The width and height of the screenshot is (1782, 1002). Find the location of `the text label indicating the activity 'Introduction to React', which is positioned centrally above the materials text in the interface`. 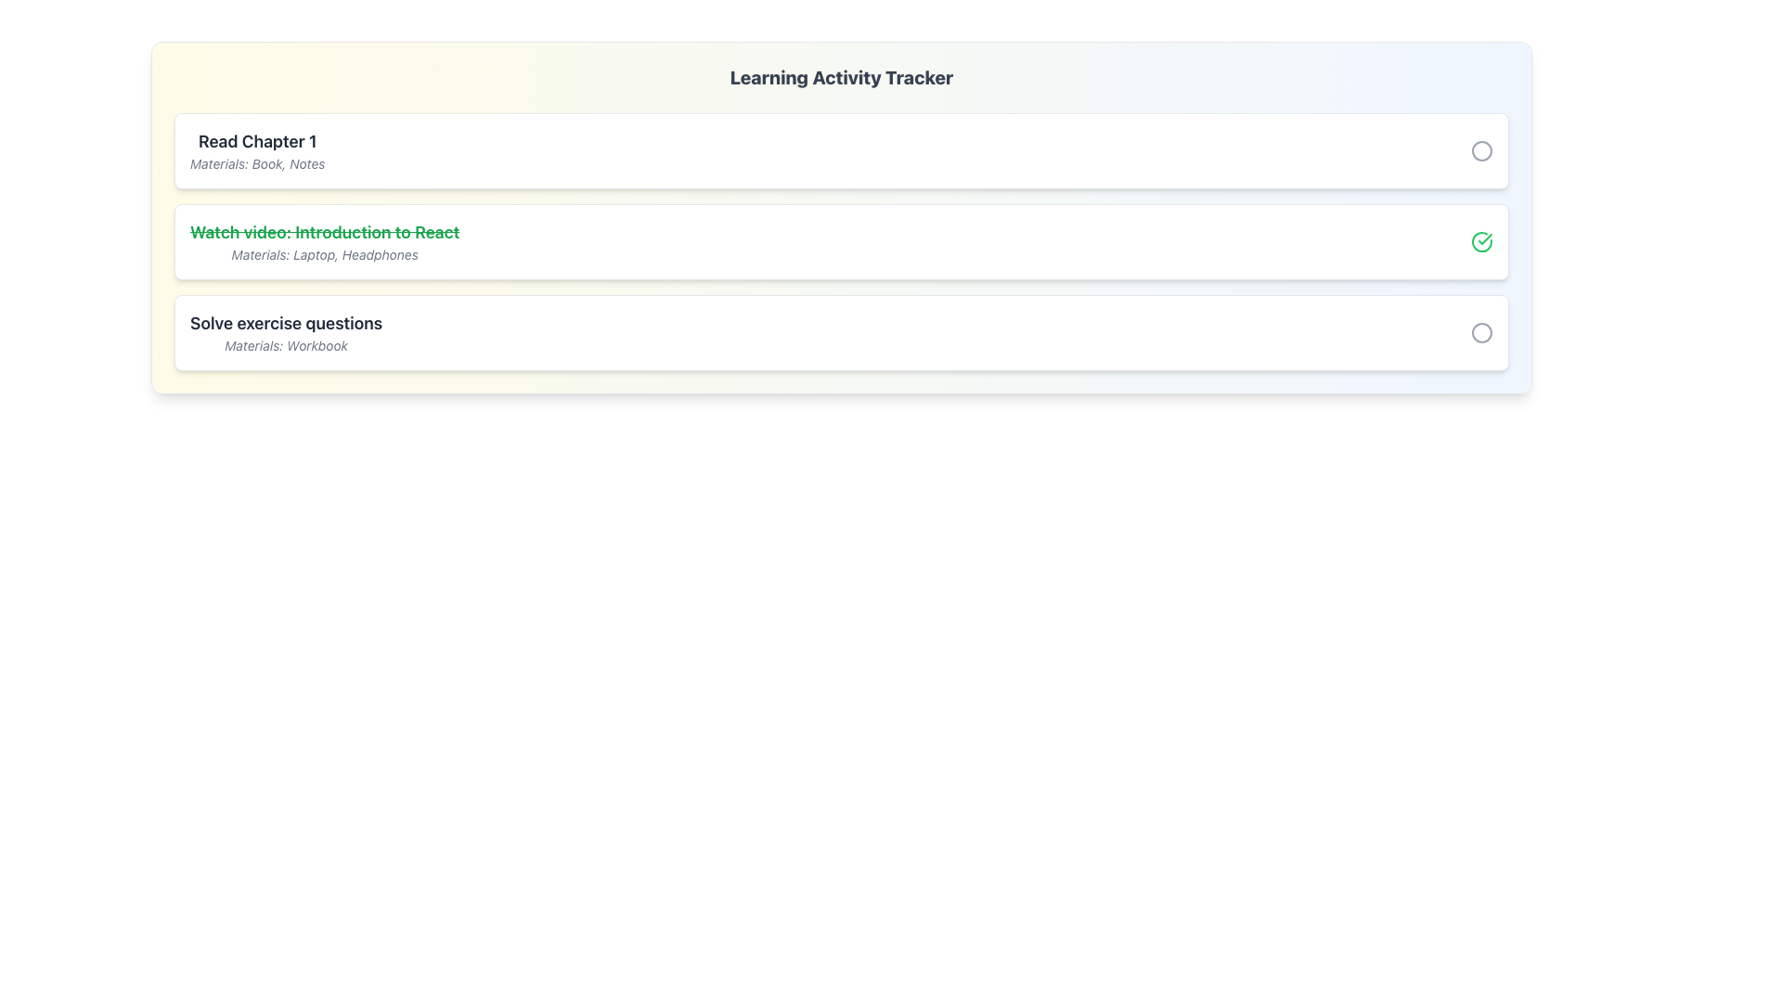

the text label indicating the activity 'Introduction to React', which is positioned centrally above the materials text in the interface is located at coordinates (325, 231).